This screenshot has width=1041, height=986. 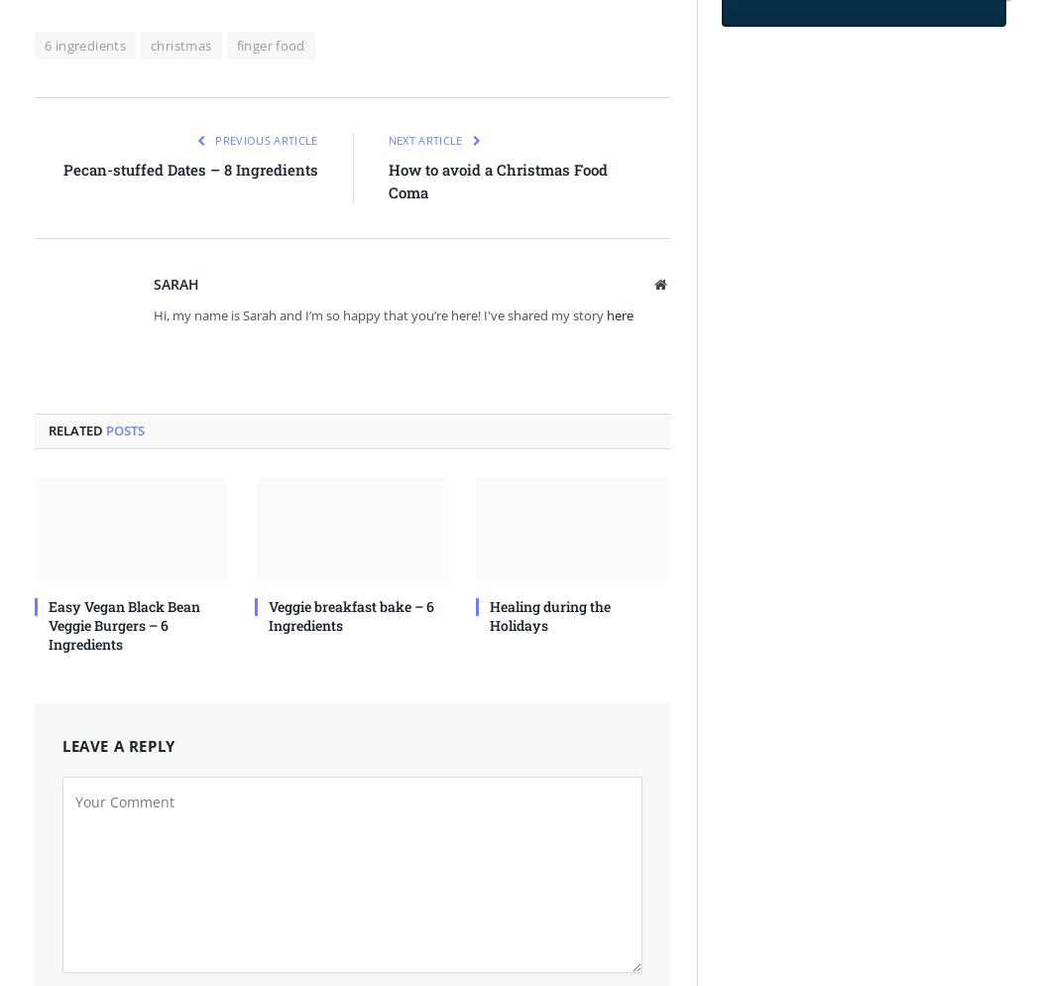 What do you see at coordinates (388, 180) in the screenshot?
I see `'How to avoid a Christmas Food Coma'` at bounding box center [388, 180].